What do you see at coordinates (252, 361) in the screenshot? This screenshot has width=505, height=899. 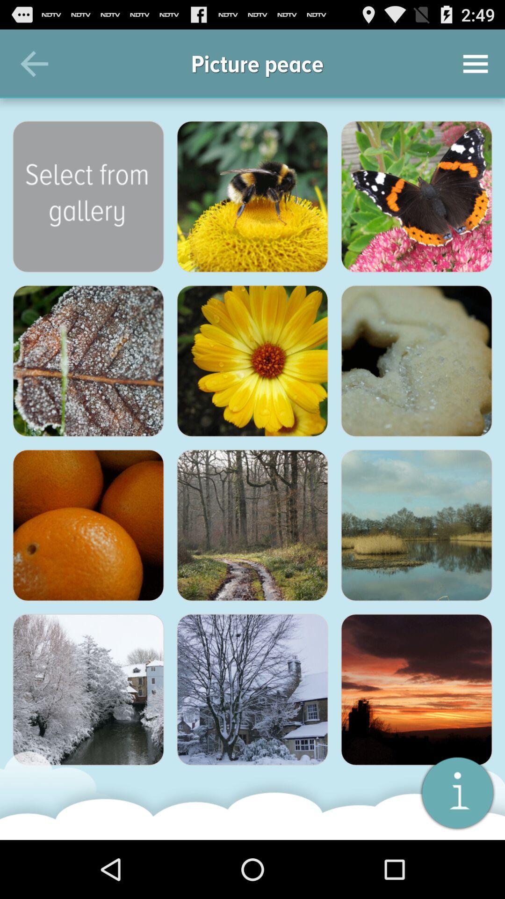 I see `photo of flower` at bounding box center [252, 361].